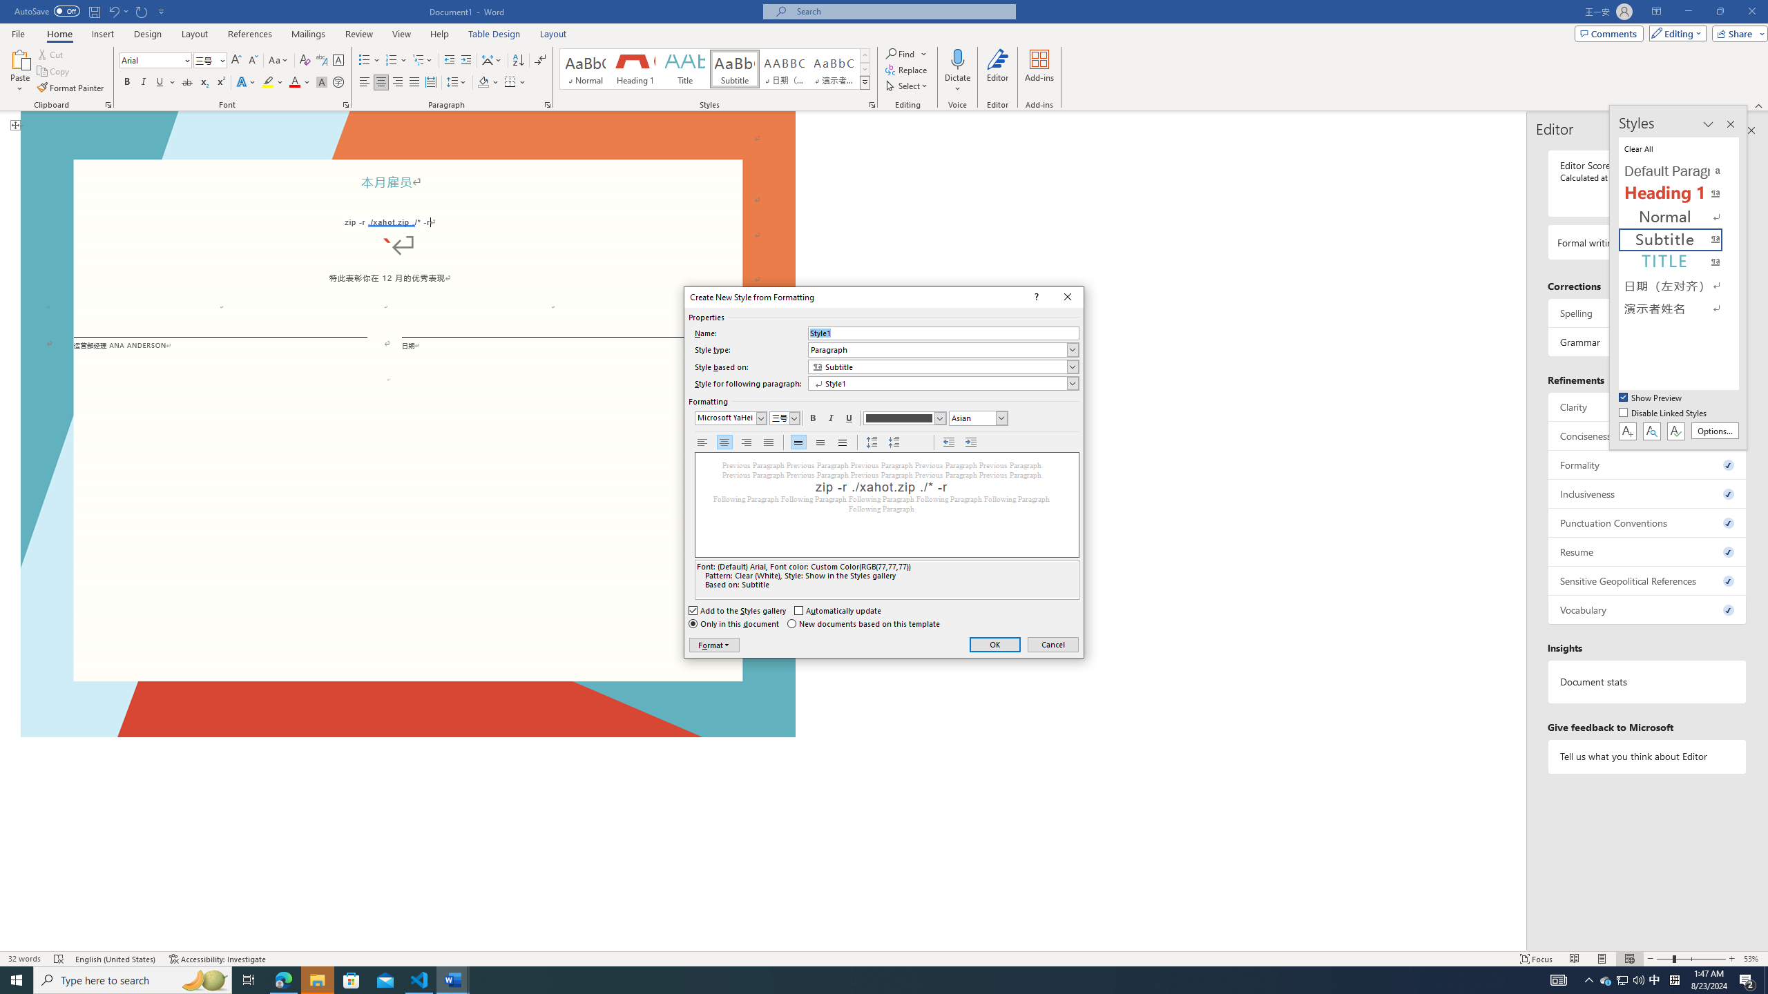 Image resolution: width=1768 pixels, height=994 pixels. I want to click on 'New documents based on this template', so click(864, 623).